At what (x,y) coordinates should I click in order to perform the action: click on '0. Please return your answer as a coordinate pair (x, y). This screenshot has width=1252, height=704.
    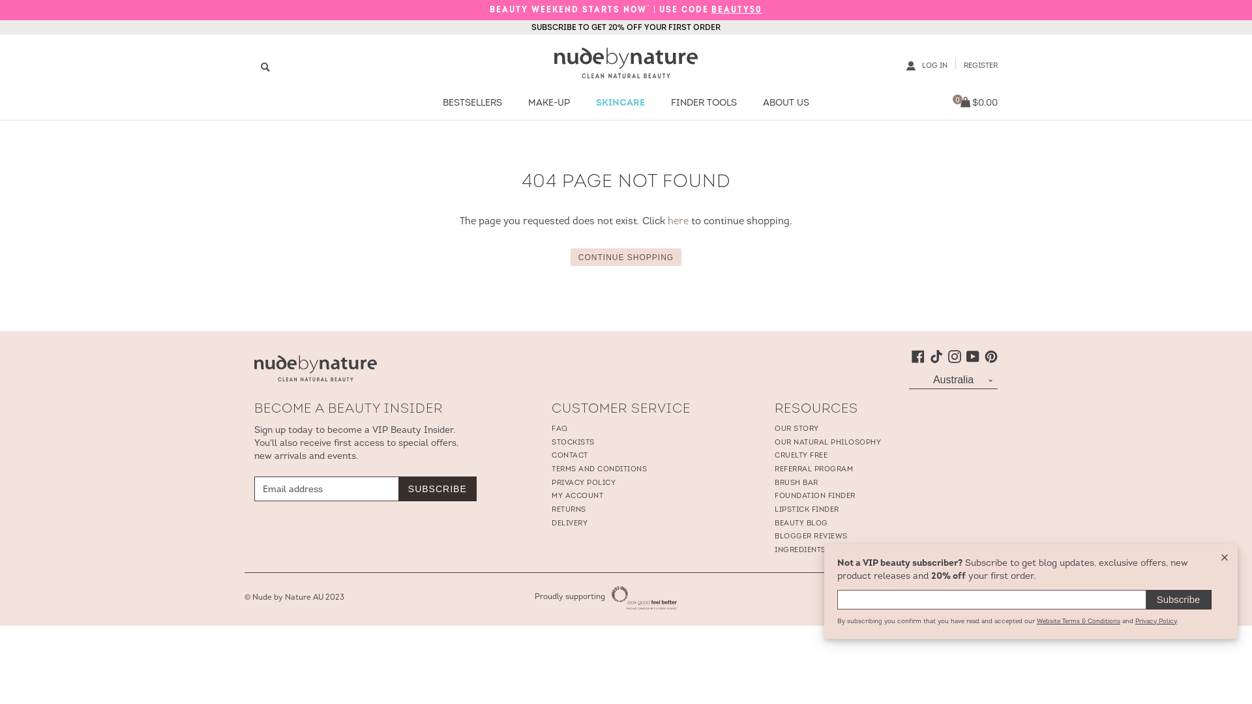
    Looking at the image, I should click on (975, 102).